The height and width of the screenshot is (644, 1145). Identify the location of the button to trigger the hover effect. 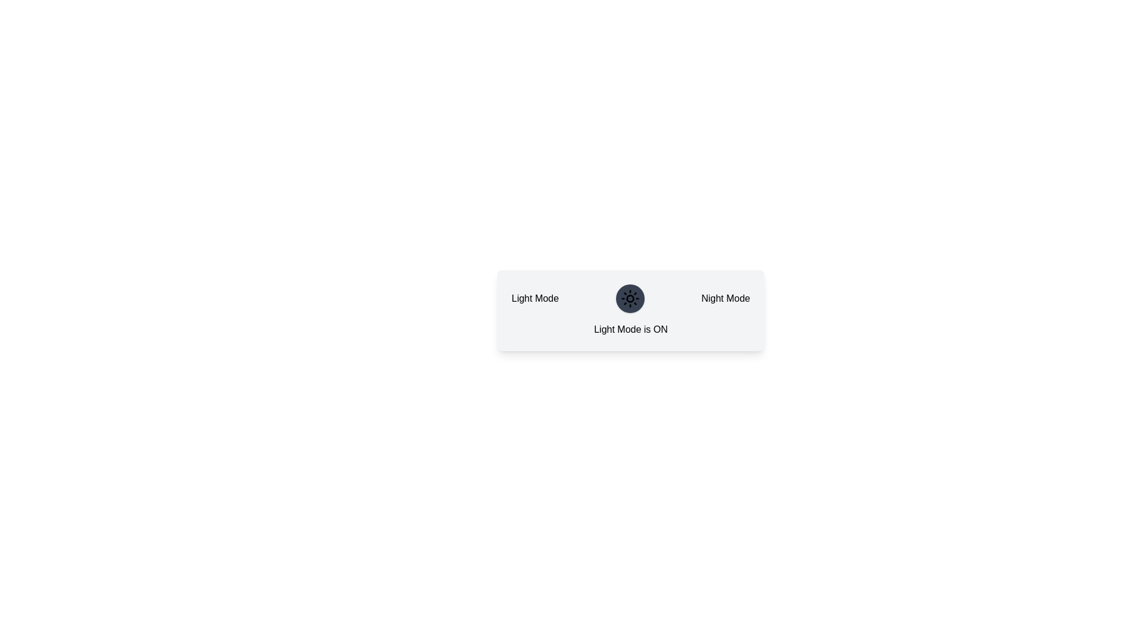
(629, 298).